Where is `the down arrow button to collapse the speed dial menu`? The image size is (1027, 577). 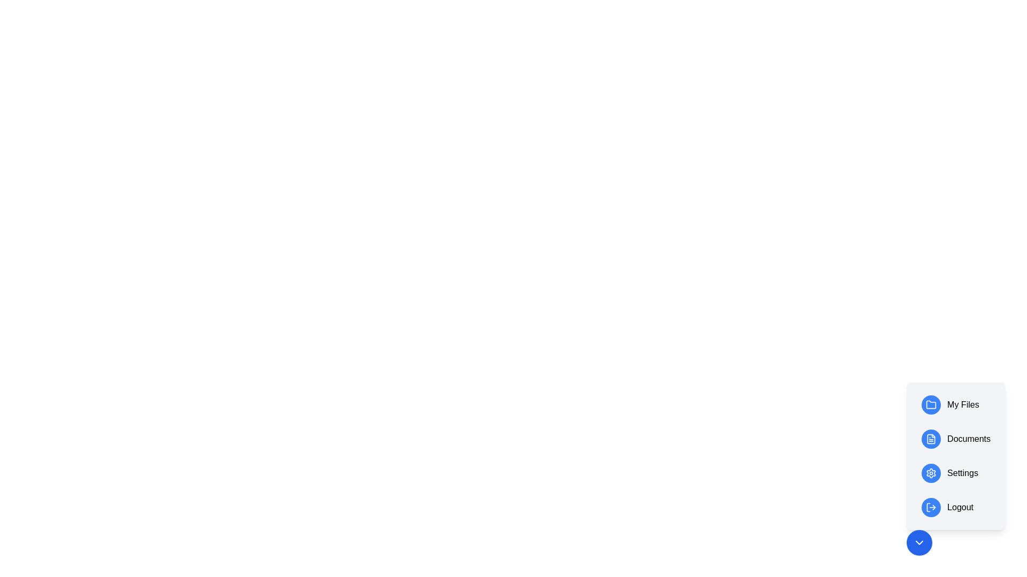
the down arrow button to collapse the speed dial menu is located at coordinates (918, 542).